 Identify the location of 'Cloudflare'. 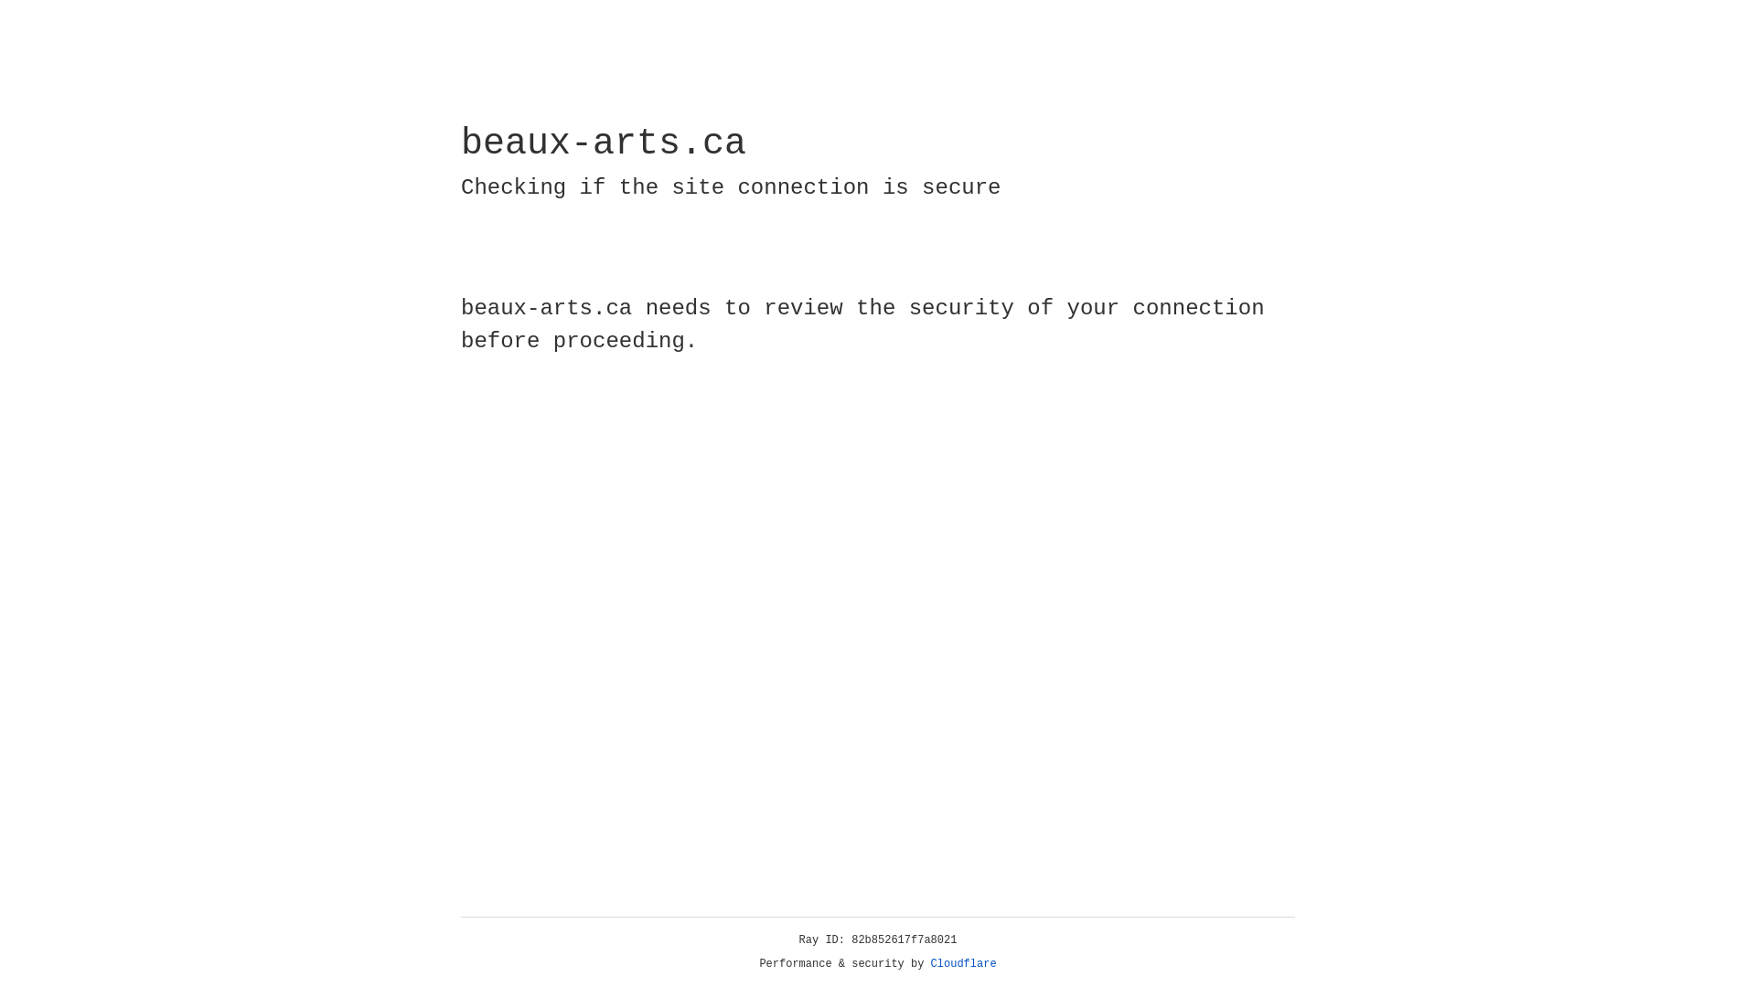
(930, 963).